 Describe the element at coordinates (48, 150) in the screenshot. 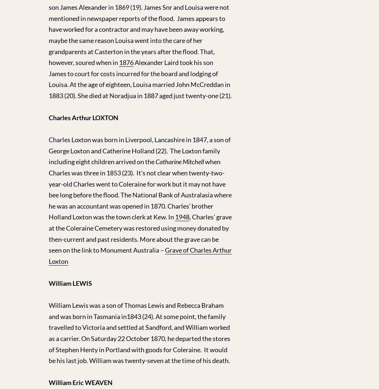

I see `'Charles Loxton was born in Liverpool, Lancashire in 1847, a son of George Loxton and Catherine Holland (22).  The Loxton family including eight children arrived on the'` at that location.